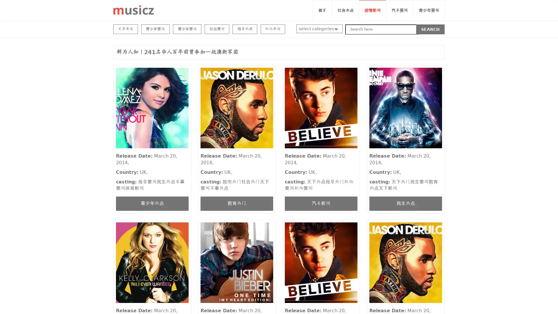 Image resolution: width=558 pixels, height=314 pixels. I want to click on search, so click(430, 29).